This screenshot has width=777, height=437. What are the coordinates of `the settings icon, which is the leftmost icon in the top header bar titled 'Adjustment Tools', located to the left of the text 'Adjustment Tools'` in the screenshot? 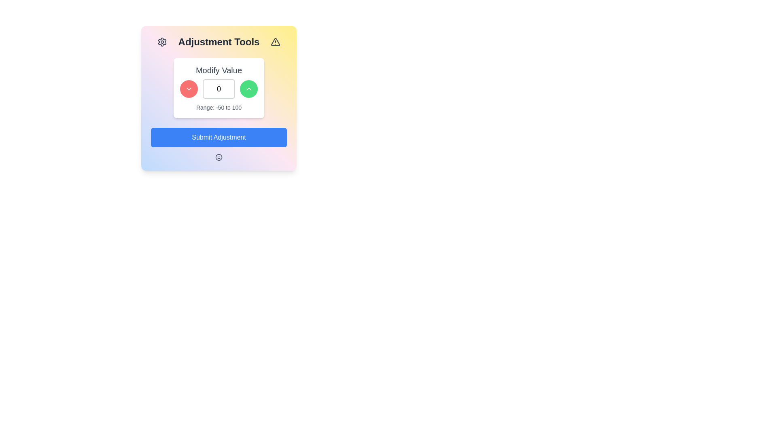 It's located at (162, 42).